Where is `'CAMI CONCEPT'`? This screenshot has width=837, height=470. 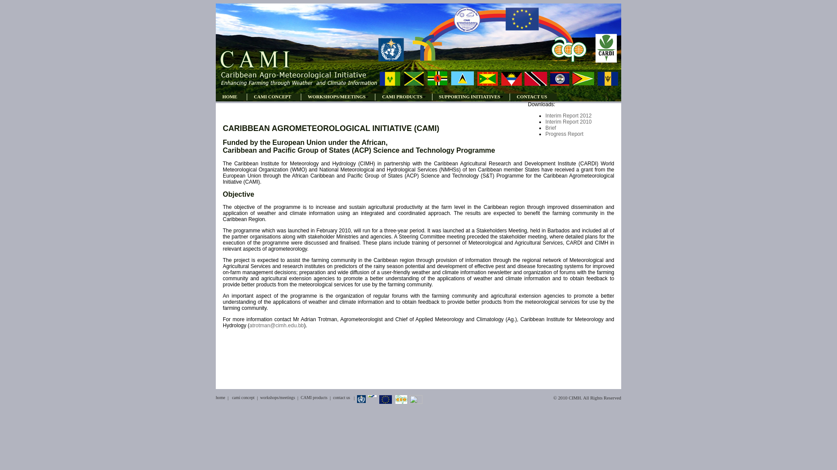
'CAMI CONCEPT' is located at coordinates (246, 97).